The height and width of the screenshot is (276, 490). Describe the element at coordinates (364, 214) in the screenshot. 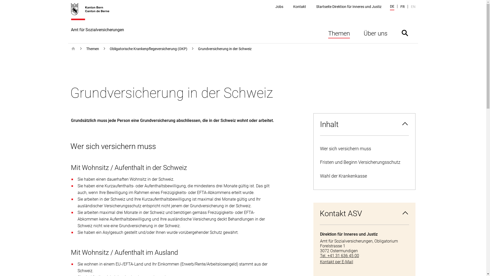

I see `'Kontakt ASV'` at that location.